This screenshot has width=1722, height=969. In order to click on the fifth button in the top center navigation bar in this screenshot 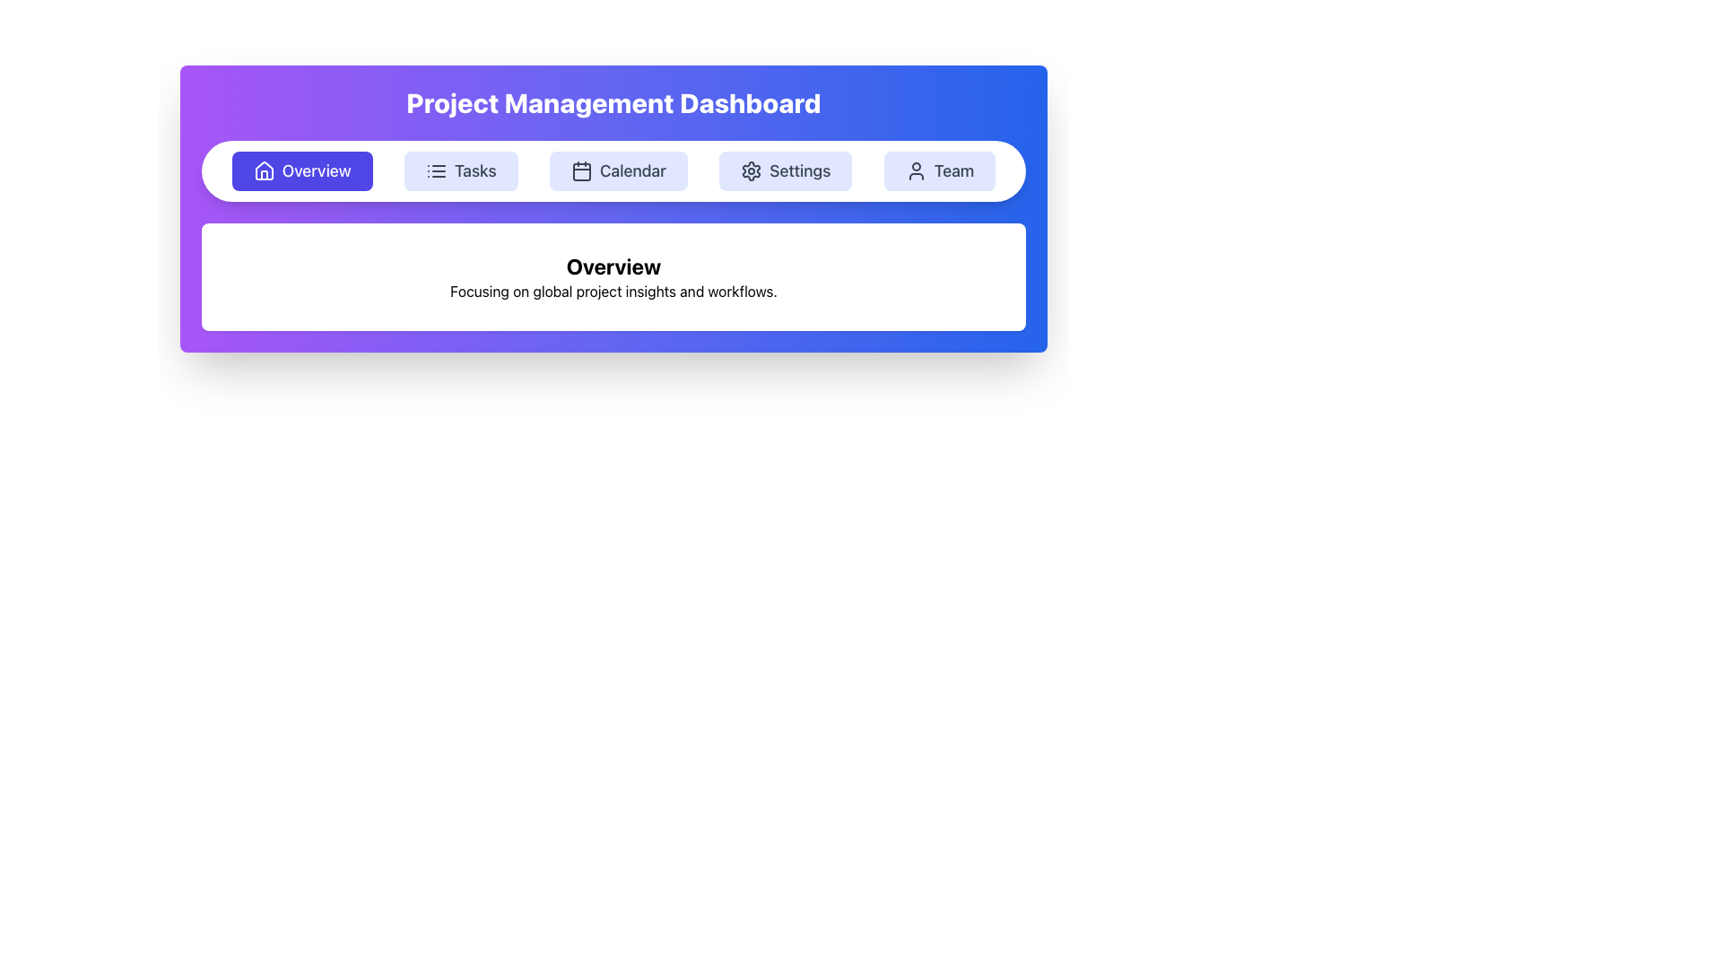, I will do `click(939, 171)`.